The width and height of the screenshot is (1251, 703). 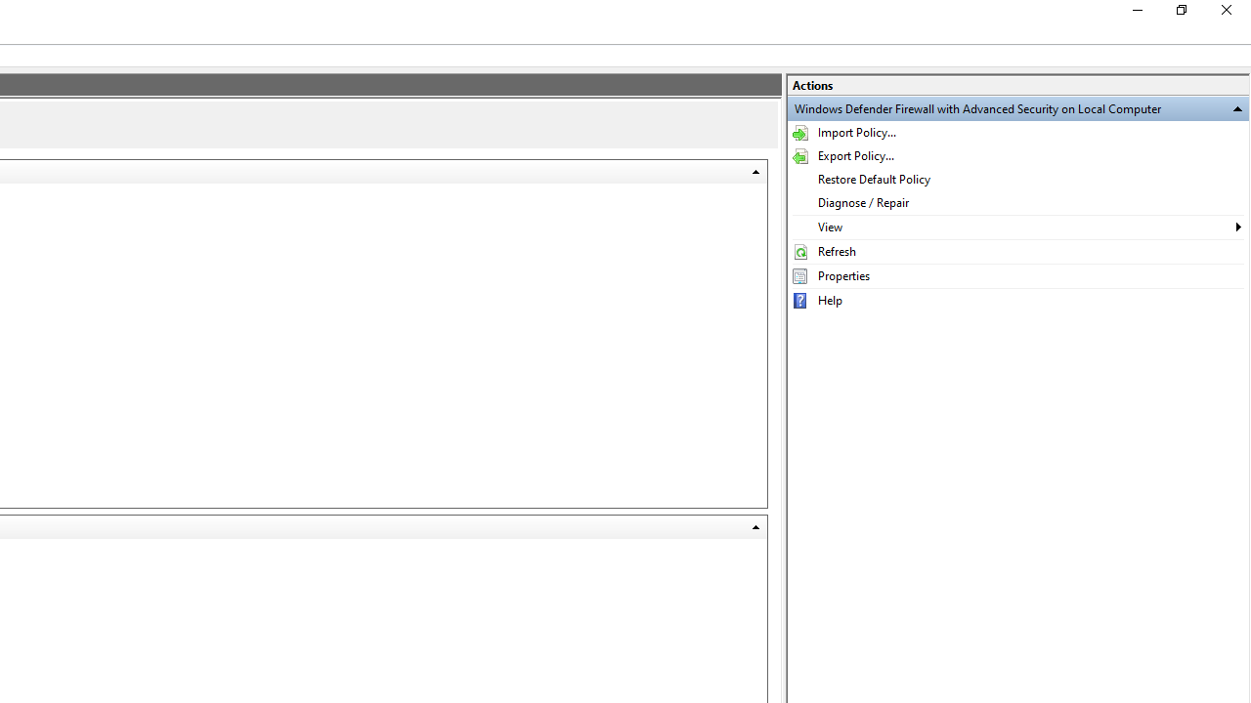 I want to click on 'Import Policy...', so click(x=1016, y=132).